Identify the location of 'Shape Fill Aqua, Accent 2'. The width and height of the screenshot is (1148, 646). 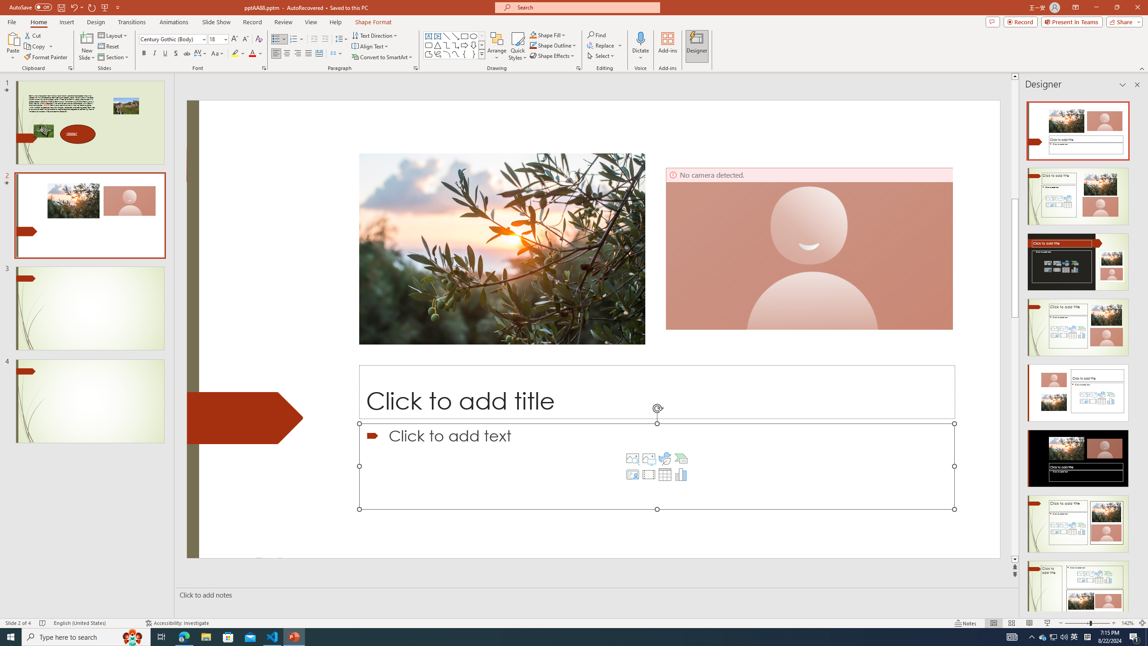
(533, 35).